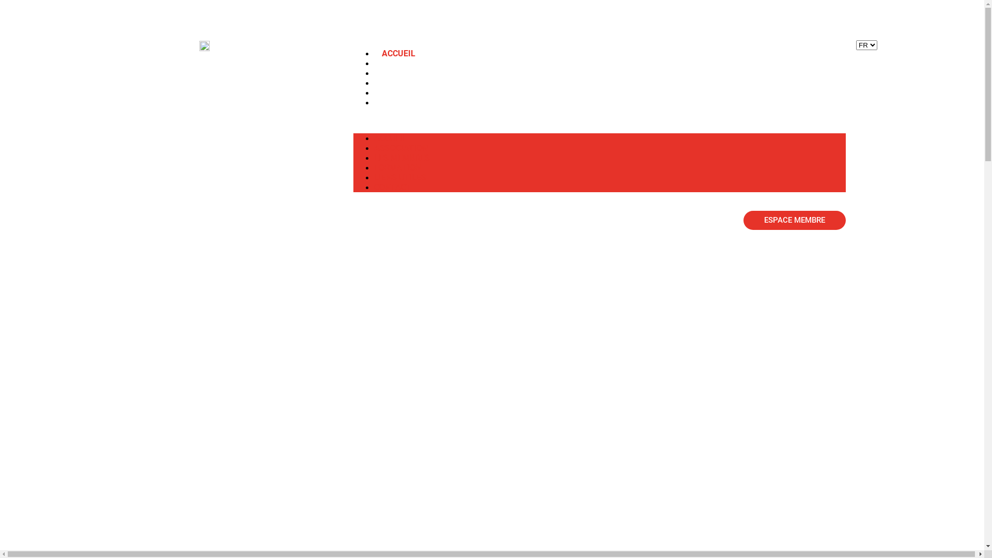  I want to click on 'FORMATION', so click(397, 167).